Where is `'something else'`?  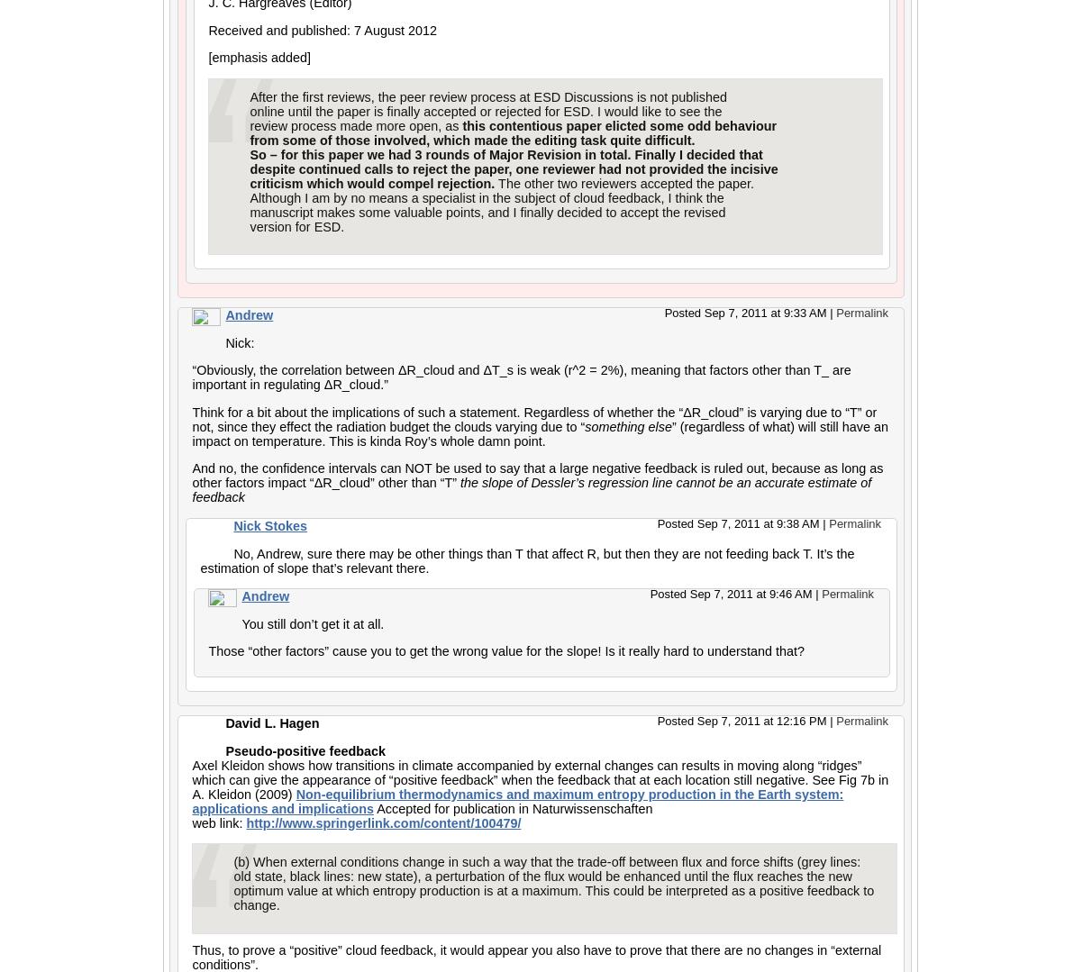 'something else' is located at coordinates (628, 425).